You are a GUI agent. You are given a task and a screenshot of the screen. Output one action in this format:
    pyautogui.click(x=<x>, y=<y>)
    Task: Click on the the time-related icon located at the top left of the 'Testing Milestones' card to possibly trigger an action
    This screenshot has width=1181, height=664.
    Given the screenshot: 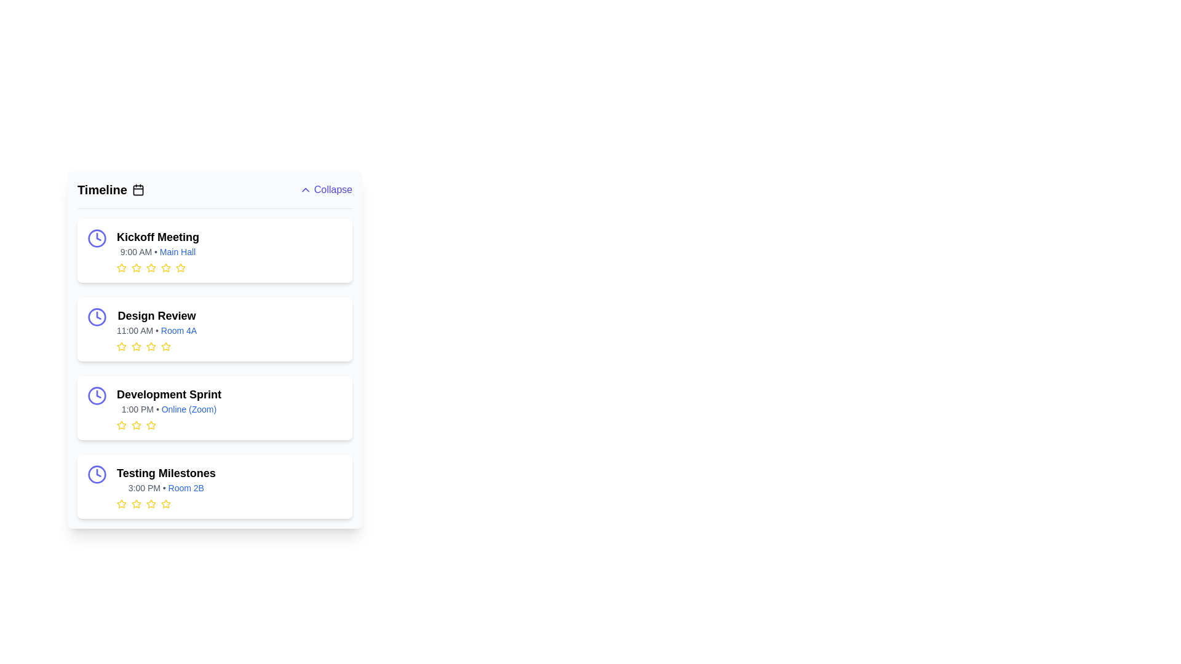 What is the action you would take?
    pyautogui.click(x=97, y=473)
    